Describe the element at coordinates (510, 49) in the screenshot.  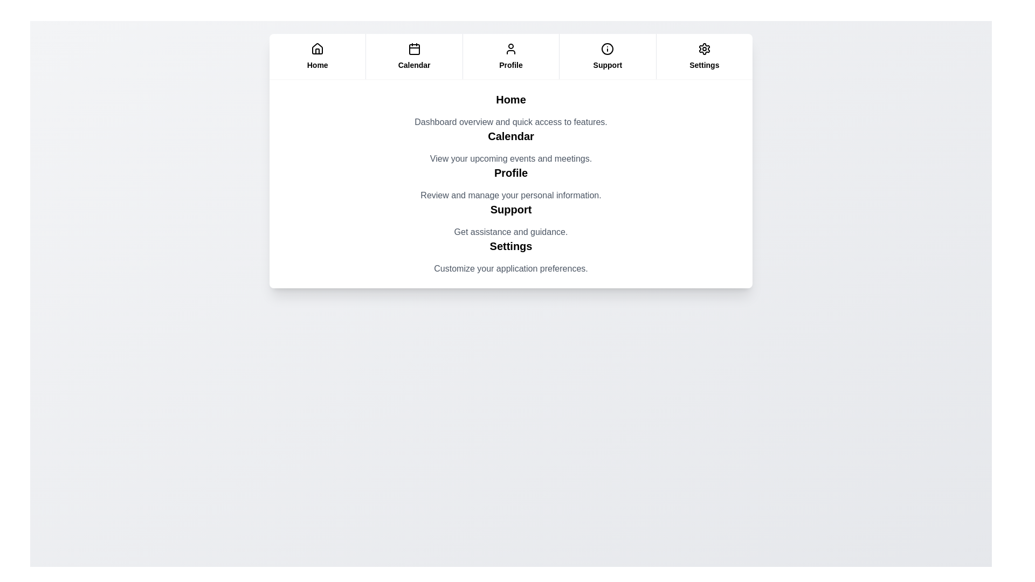
I see `the user profile icon located in the 'Profile' tab of the horizontal navigation bar` at that location.